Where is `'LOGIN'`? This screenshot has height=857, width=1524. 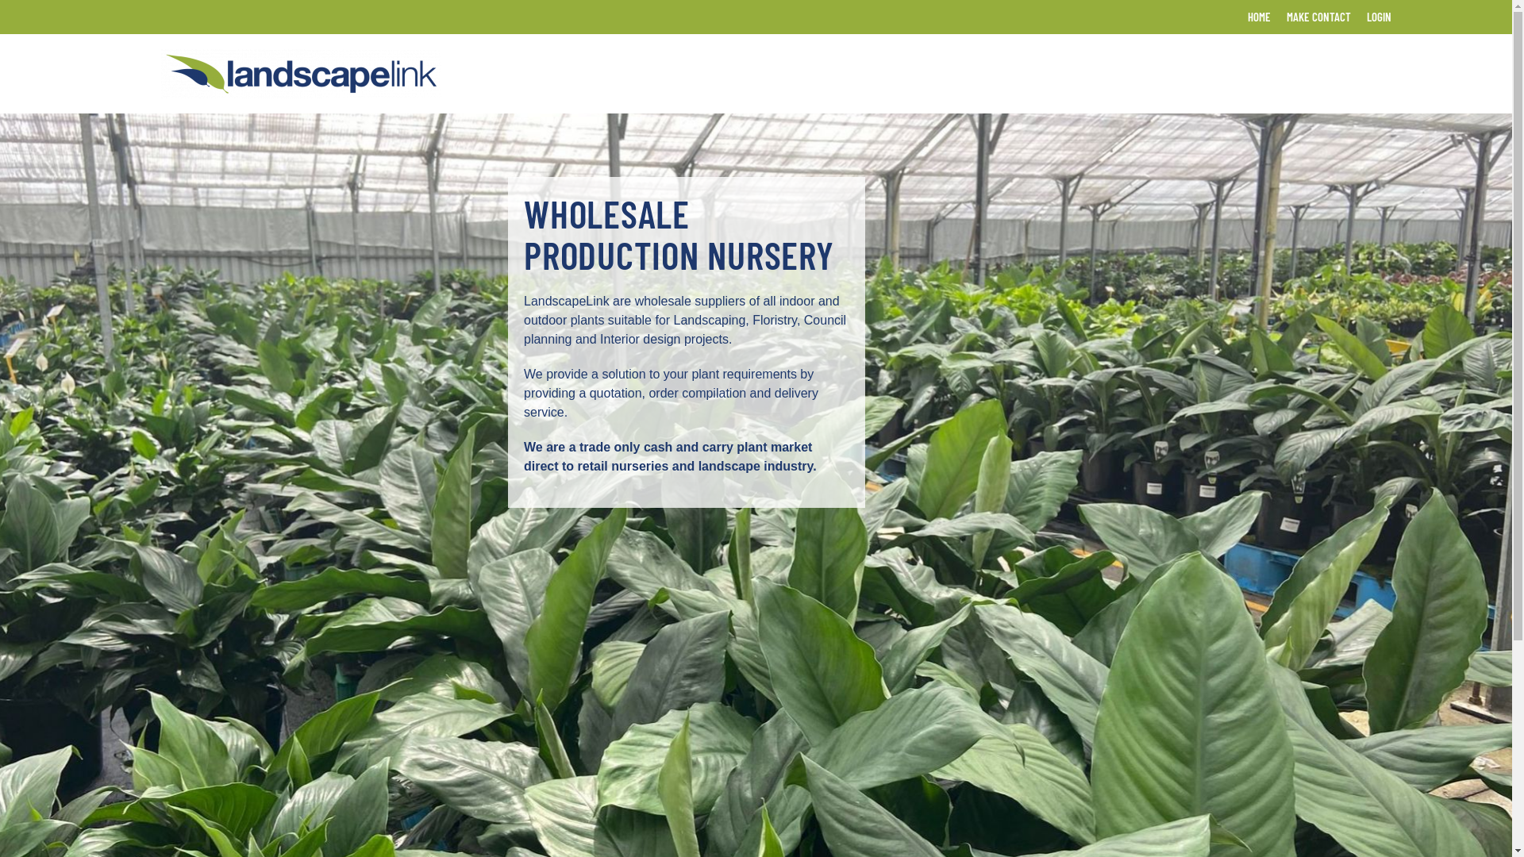 'LOGIN' is located at coordinates (1378, 17).